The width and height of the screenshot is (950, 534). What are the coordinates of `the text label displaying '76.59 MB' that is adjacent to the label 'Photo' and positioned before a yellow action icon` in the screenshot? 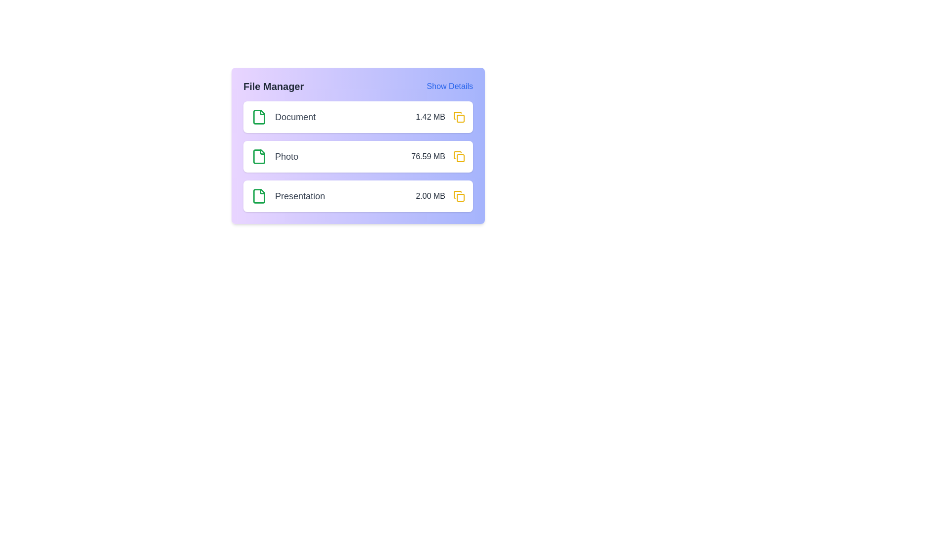 It's located at (437, 156).